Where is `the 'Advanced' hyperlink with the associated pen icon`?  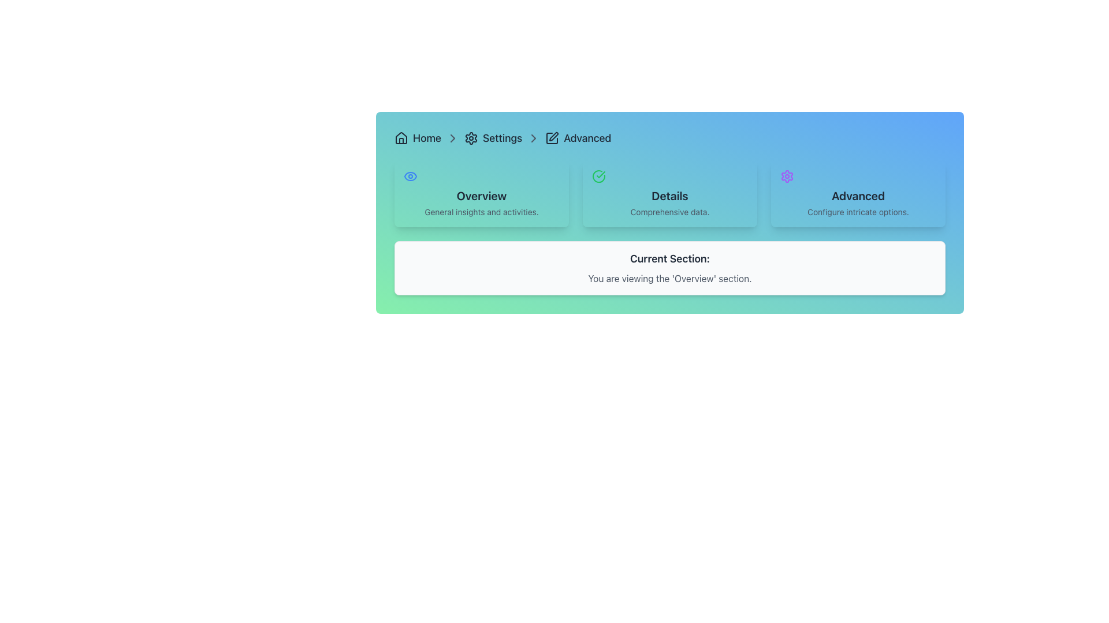 the 'Advanced' hyperlink with the associated pen icon is located at coordinates (578, 137).